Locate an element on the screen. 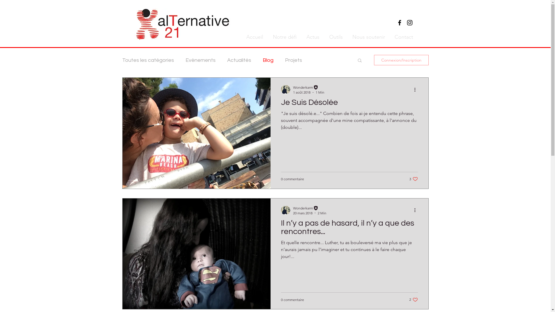 The height and width of the screenshot is (312, 555). 'Contact' is located at coordinates (403, 37).